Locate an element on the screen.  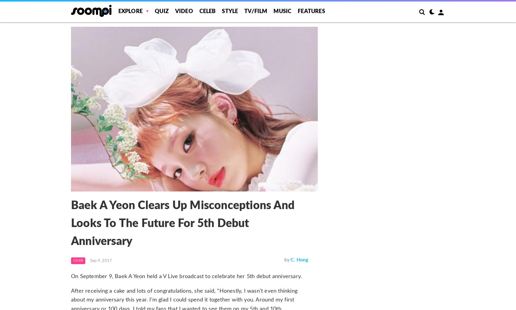
'TV/Film' is located at coordinates (255, 11).